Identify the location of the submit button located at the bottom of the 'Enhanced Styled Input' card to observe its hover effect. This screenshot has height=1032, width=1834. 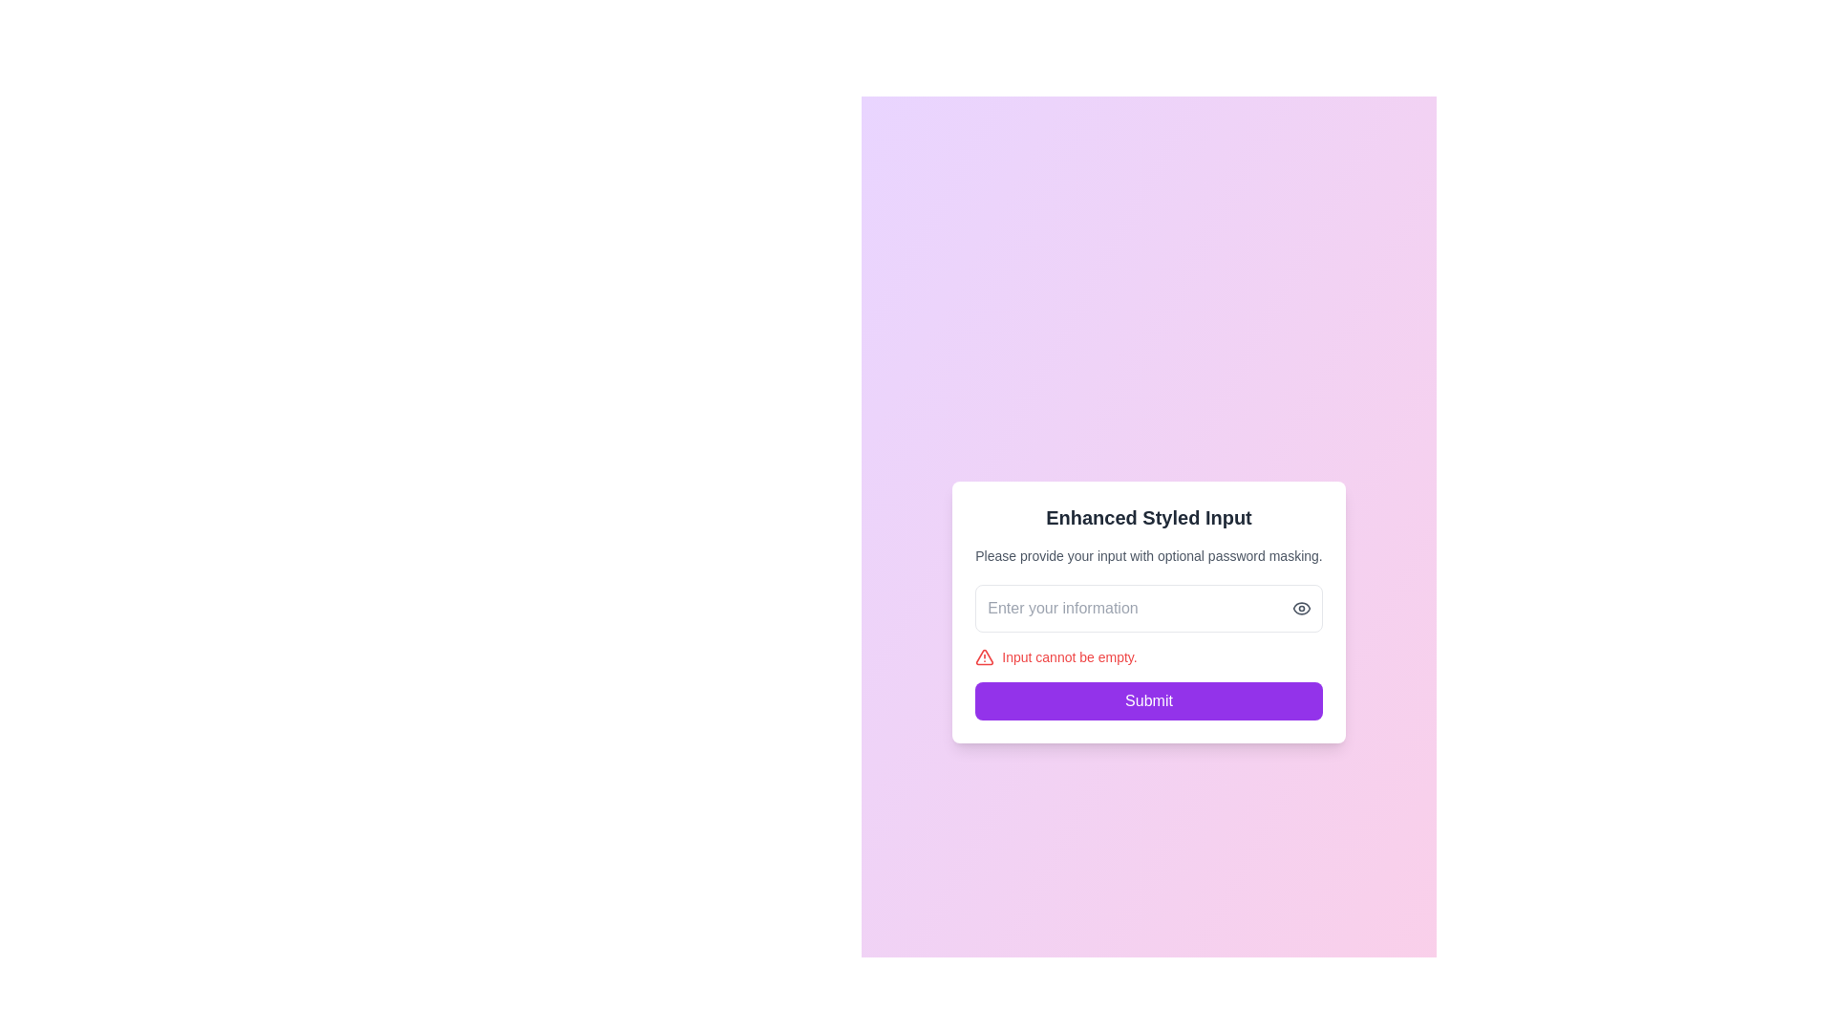
(1148, 700).